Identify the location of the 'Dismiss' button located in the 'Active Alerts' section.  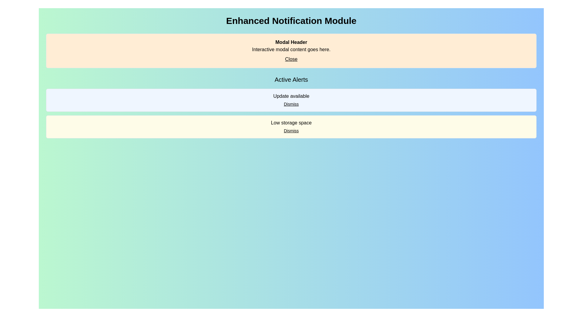
(291, 104).